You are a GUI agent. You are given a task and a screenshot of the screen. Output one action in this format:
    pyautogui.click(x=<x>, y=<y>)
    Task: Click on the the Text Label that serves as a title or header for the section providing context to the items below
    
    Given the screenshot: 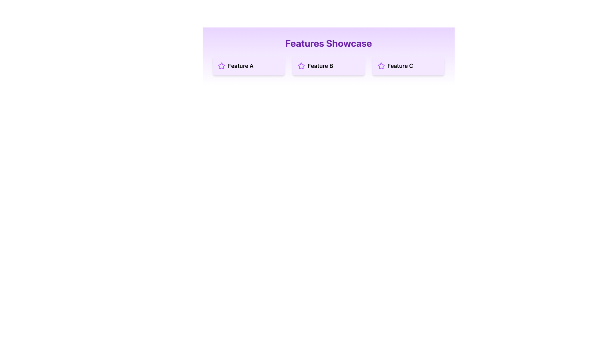 What is the action you would take?
    pyautogui.click(x=328, y=43)
    